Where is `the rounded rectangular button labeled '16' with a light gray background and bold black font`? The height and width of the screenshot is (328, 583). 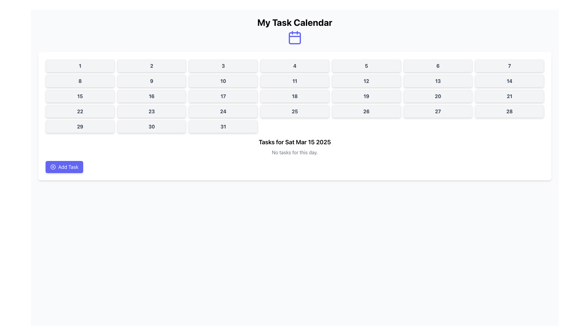 the rounded rectangular button labeled '16' with a light gray background and bold black font is located at coordinates (152, 96).